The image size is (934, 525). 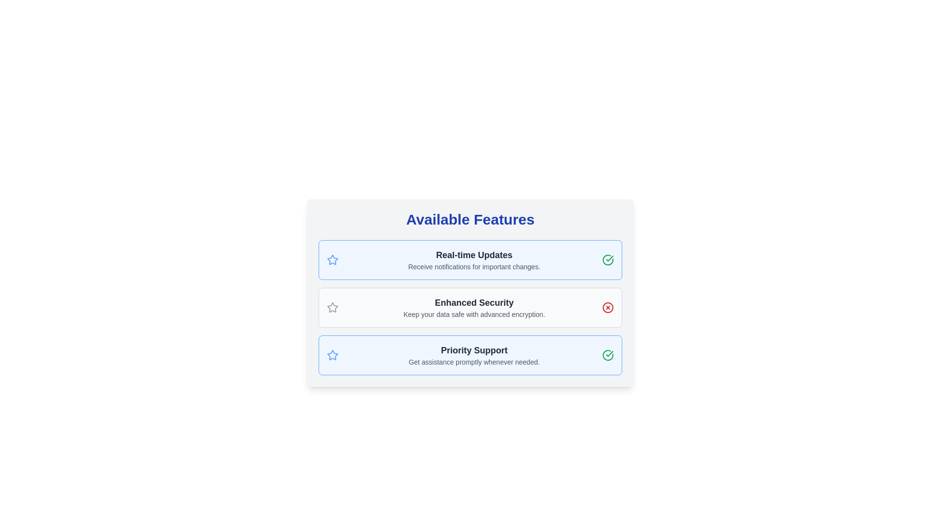 What do you see at coordinates (607, 260) in the screenshot?
I see `the green circular checkmark icon indicating a successful action, located on the right side of the 'Real-time Updates' row in the 'Available Features' section` at bounding box center [607, 260].